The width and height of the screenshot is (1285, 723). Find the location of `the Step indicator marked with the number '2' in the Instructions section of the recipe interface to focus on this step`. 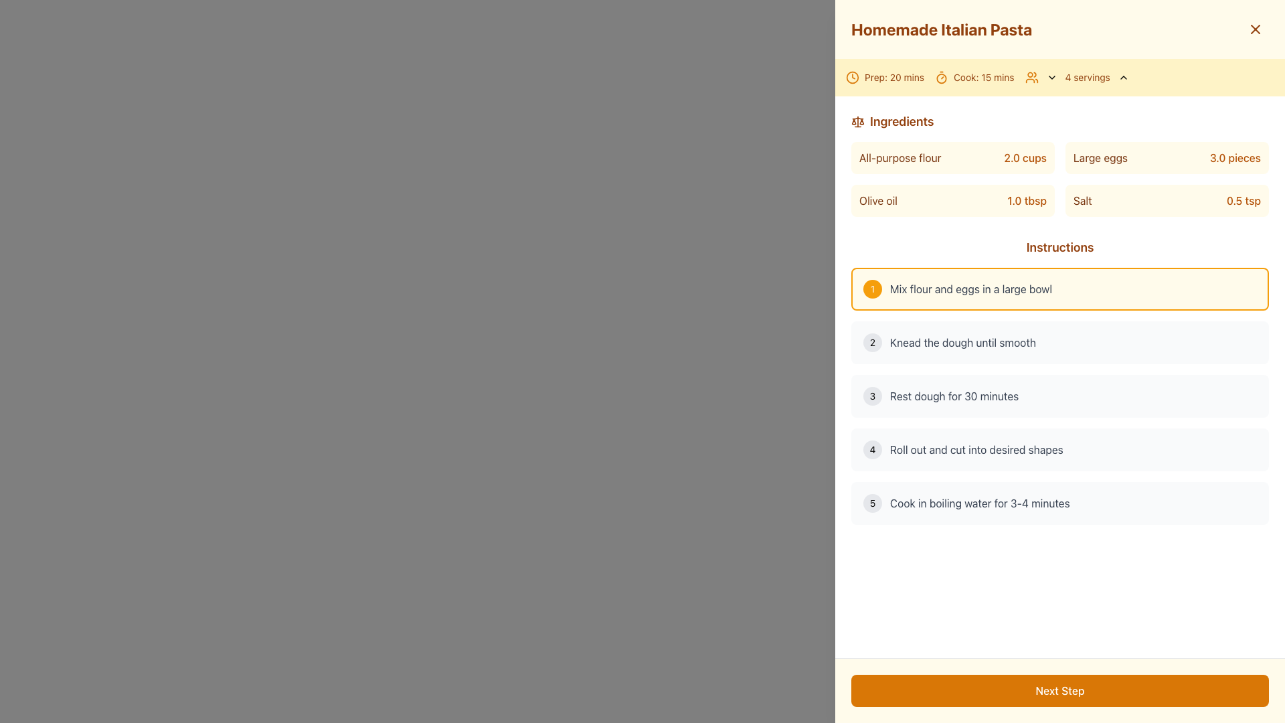

the Step indicator marked with the number '2' in the Instructions section of the recipe interface to focus on this step is located at coordinates (873, 342).